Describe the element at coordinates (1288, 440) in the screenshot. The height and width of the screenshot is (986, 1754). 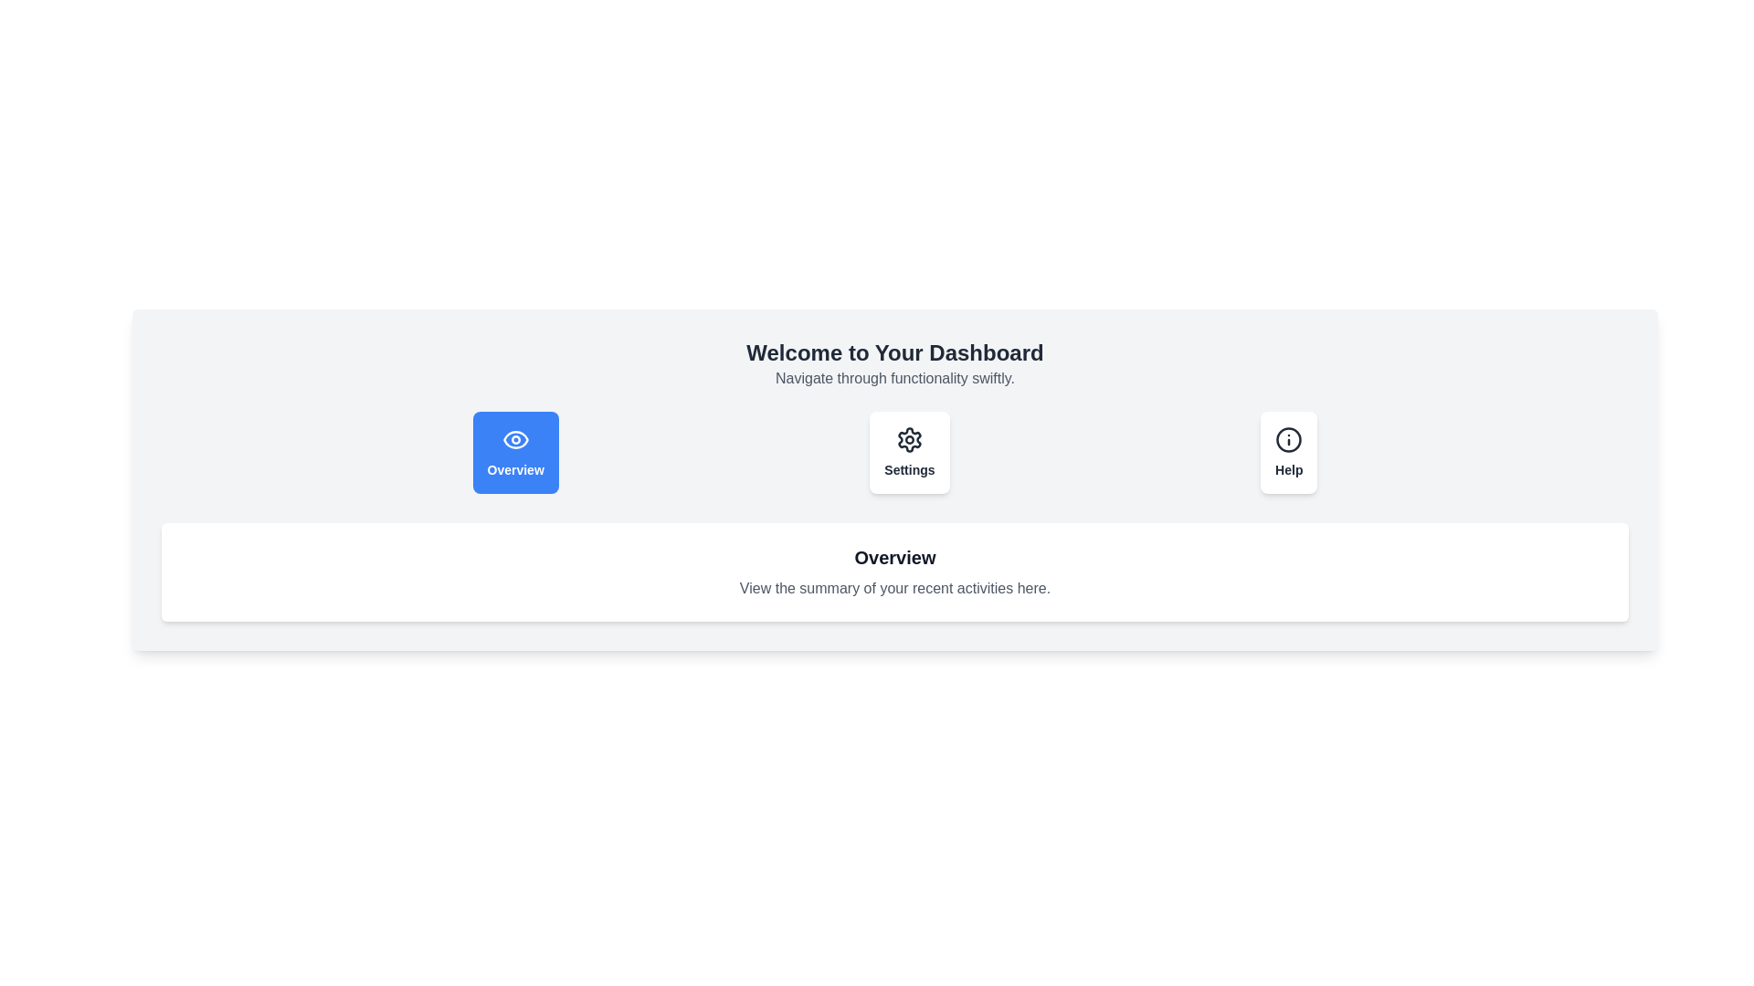
I see `the information/help icon located centrally within the 'Help' widget on the right side of the horizontal row of features` at that location.